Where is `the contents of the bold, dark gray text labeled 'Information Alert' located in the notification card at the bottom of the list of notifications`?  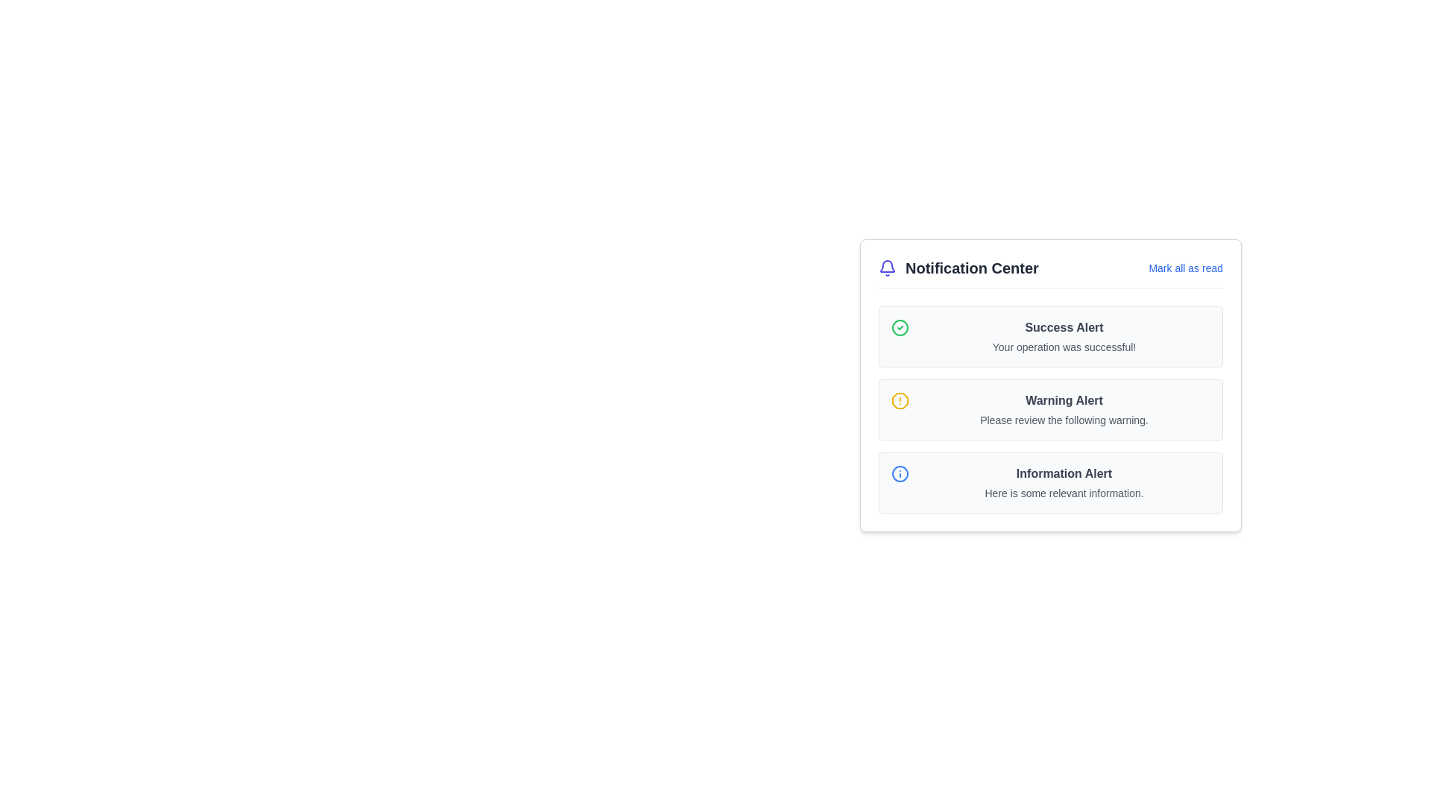
the contents of the bold, dark gray text labeled 'Information Alert' located in the notification card at the bottom of the list of notifications is located at coordinates (1064, 474).